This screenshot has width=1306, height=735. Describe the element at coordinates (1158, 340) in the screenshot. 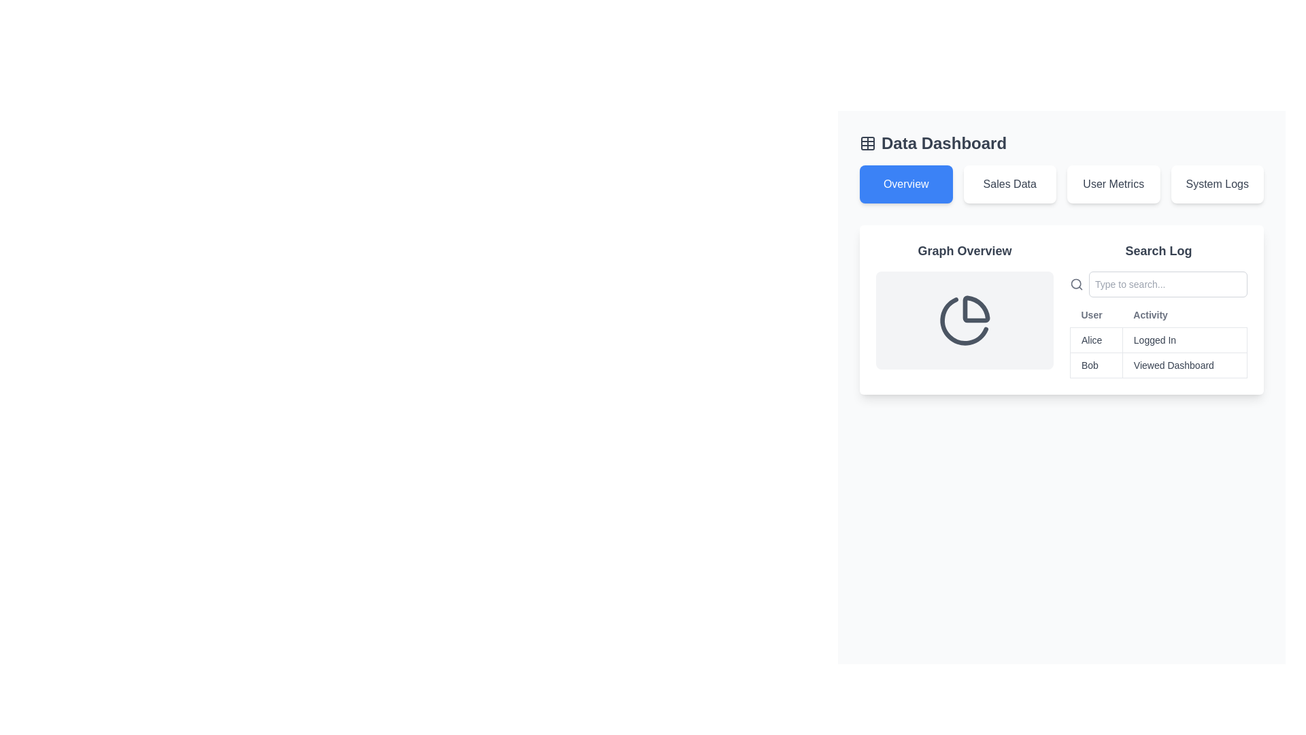

I see `the log entry indicating that user 'Alice' has logged in, located in the 'Search Log' table under the 'Activity' column` at that location.